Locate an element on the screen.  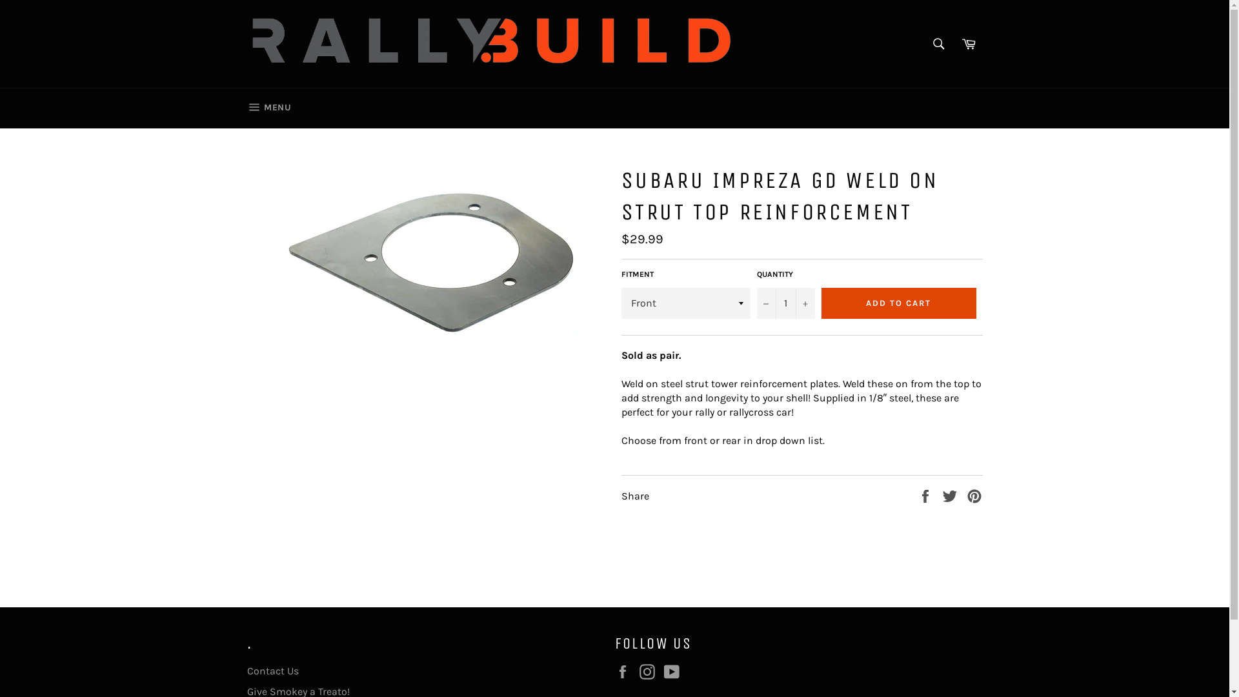
'Contact Us' is located at coordinates (272, 670).